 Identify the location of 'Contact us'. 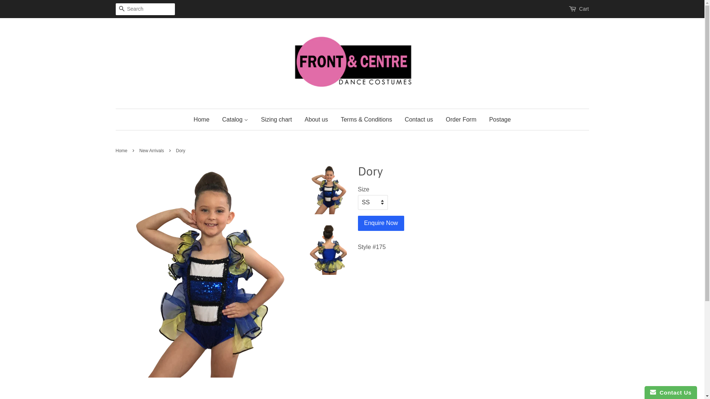
(419, 119).